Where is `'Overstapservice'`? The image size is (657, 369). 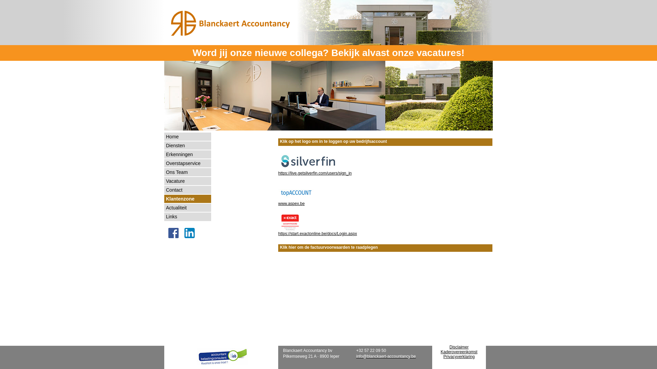 'Overstapservice' is located at coordinates (188, 163).